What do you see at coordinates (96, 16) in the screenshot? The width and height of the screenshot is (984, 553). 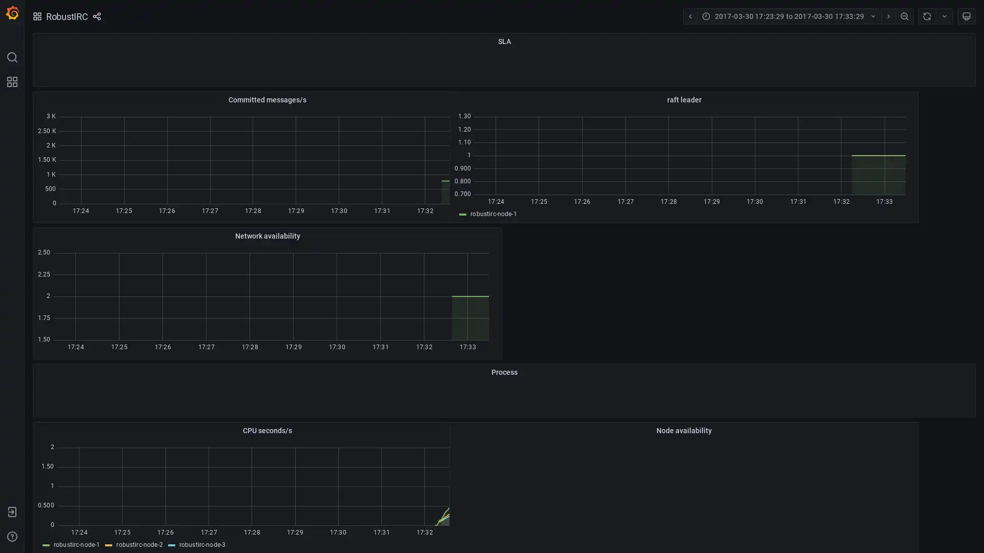 I see `Share dashboard or panel` at bounding box center [96, 16].